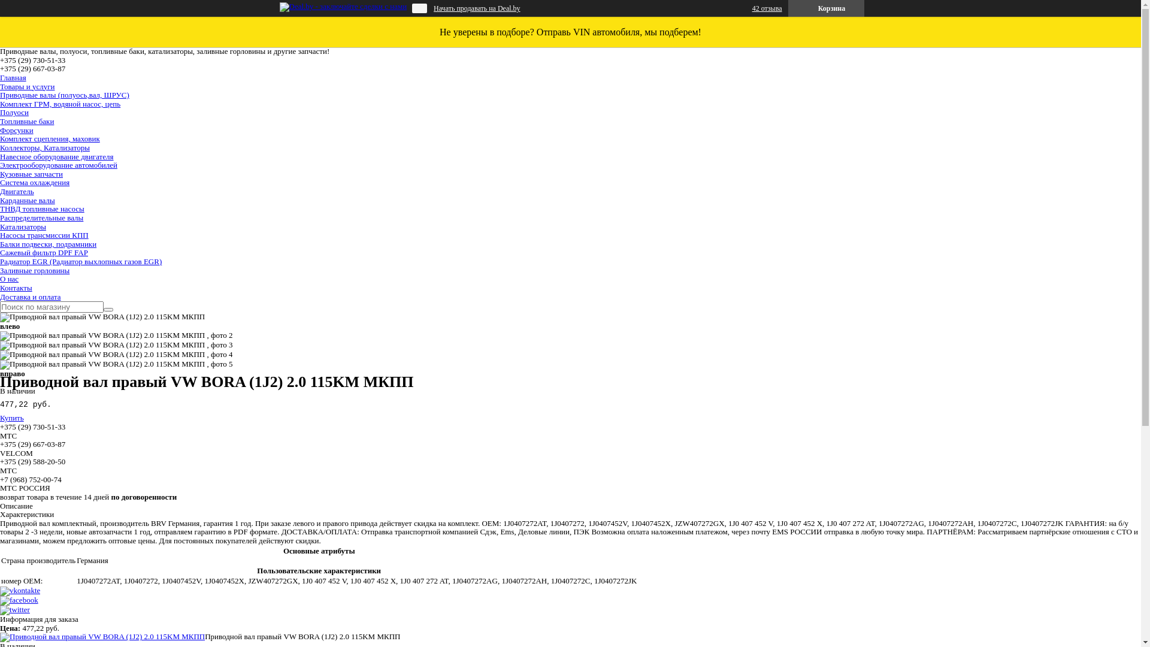 The height and width of the screenshot is (647, 1150). What do you see at coordinates (14, 609) in the screenshot?
I see `'twitter'` at bounding box center [14, 609].